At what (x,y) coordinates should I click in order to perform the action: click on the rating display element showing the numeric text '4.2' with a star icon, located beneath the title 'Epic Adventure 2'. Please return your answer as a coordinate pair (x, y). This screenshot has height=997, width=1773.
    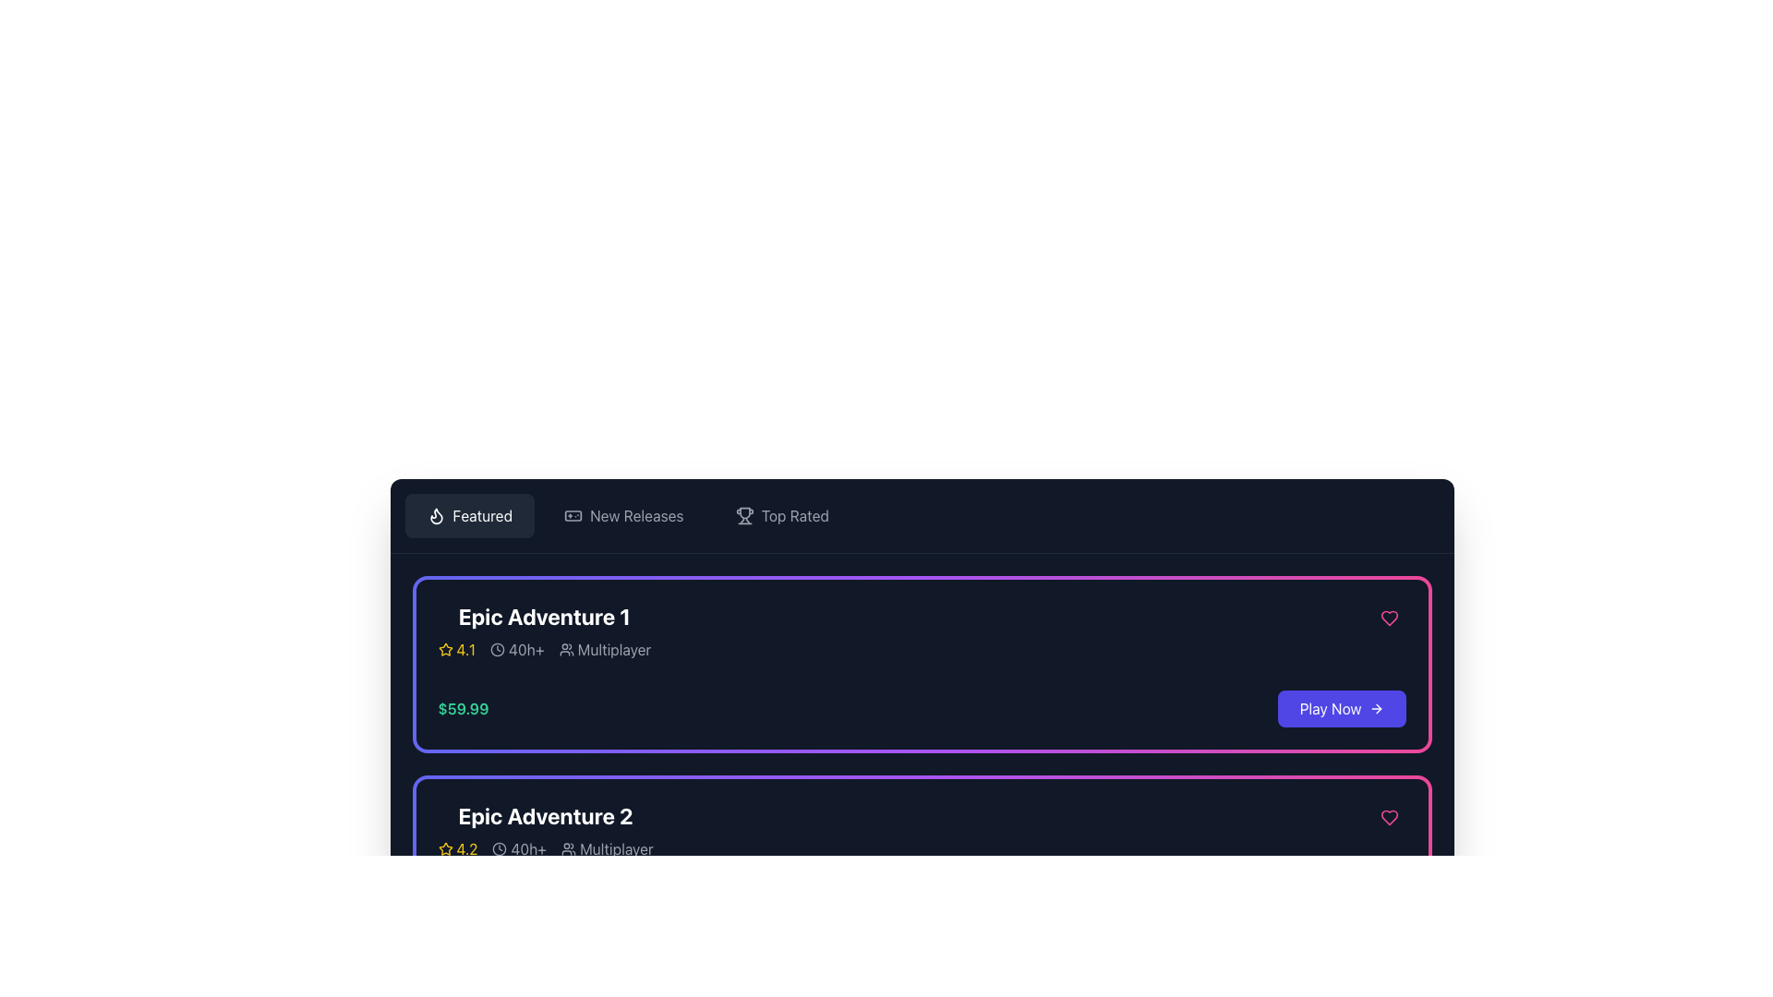
    Looking at the image, I should click on (457, 849).